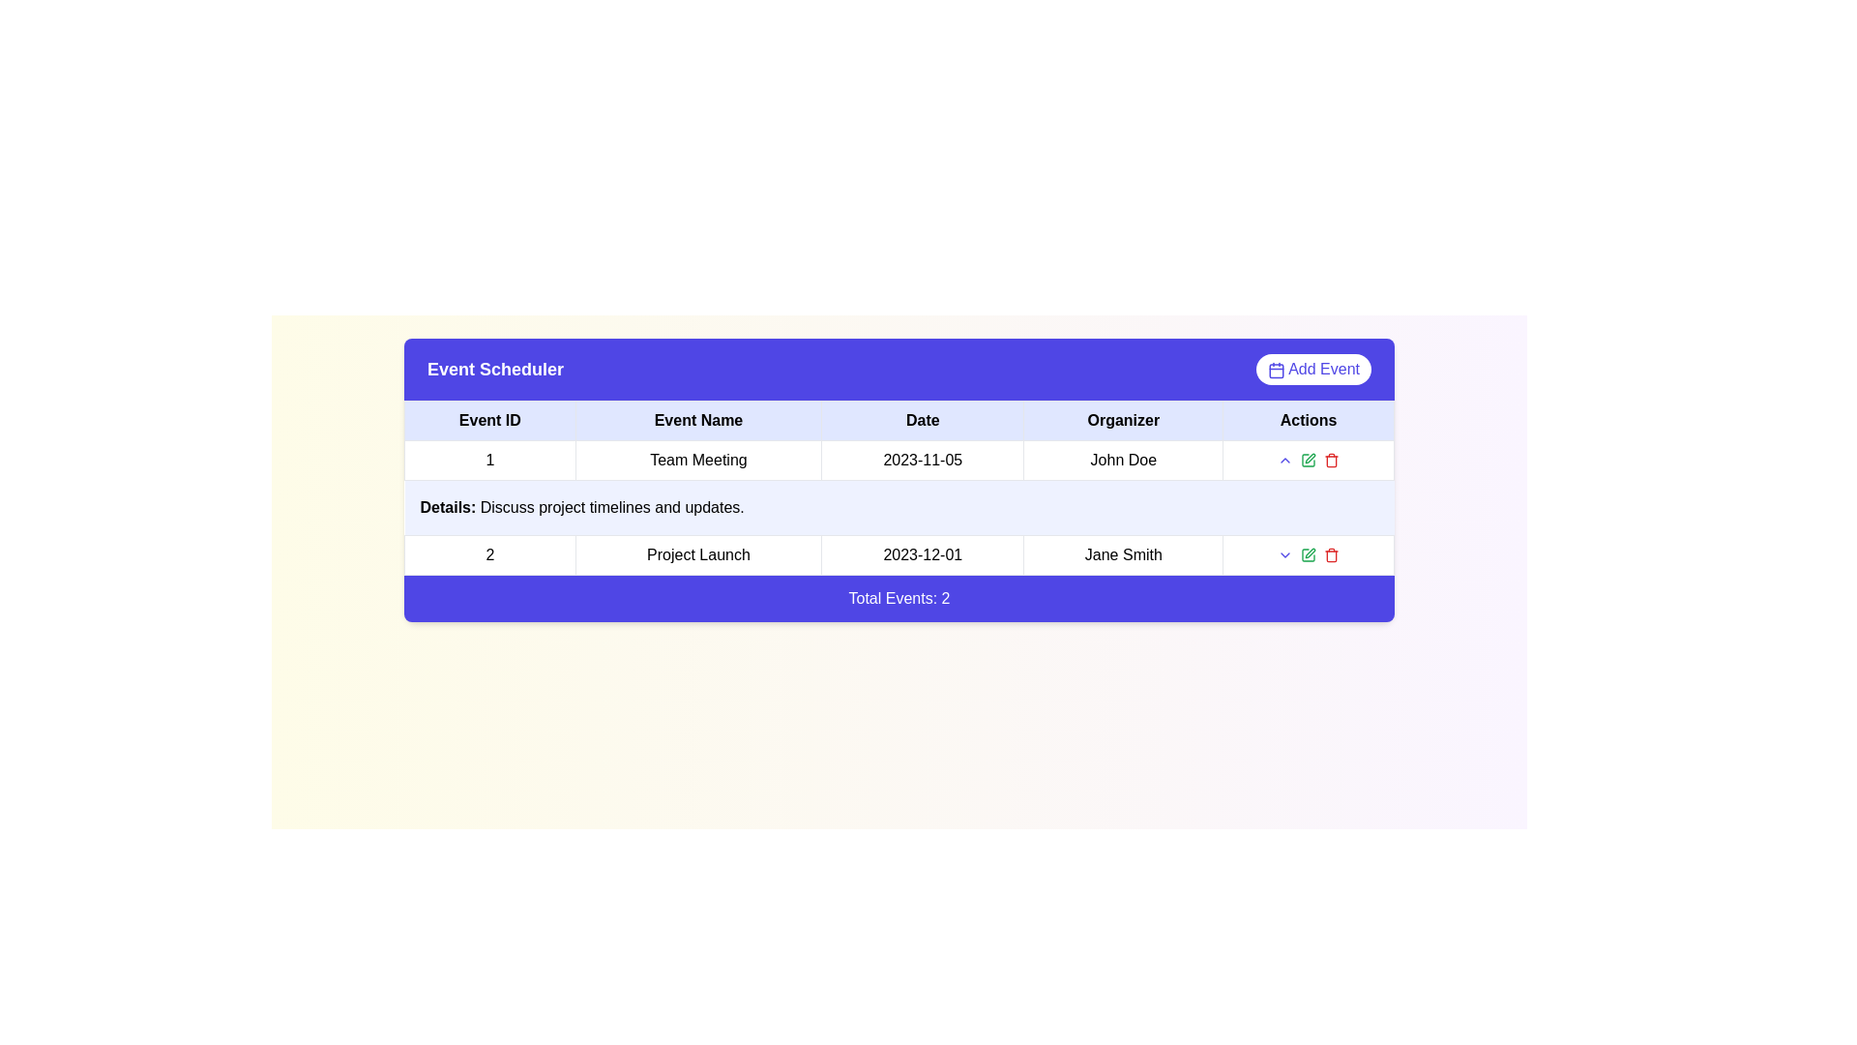 Image resolution: width=1857 pixels, height=1045 pixels. What do you see at coordinates (1276, 370) in the screenshot?
I see `the calendar icon located to the left of the 'Add Event' button in the top-right corner of the interface, above the table` at bounding box center [1276, 370].